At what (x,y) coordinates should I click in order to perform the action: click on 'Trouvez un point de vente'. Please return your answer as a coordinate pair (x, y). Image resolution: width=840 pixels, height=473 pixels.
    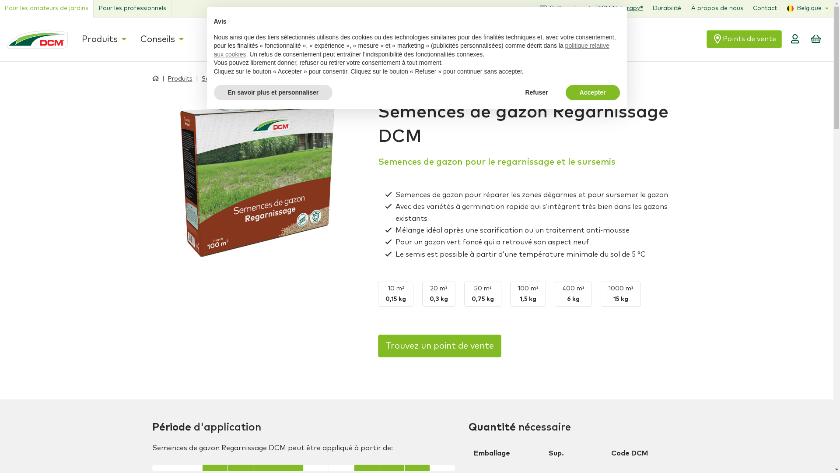
    Looking at the image, I should click on (439, 346).